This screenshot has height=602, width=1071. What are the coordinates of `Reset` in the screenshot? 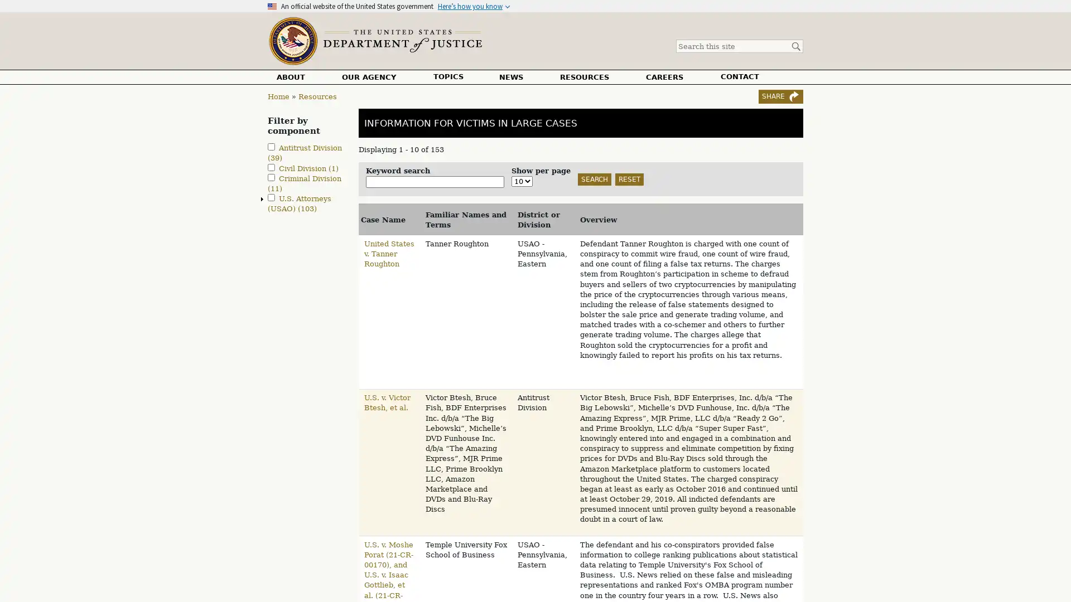 It's located at (629, 178).